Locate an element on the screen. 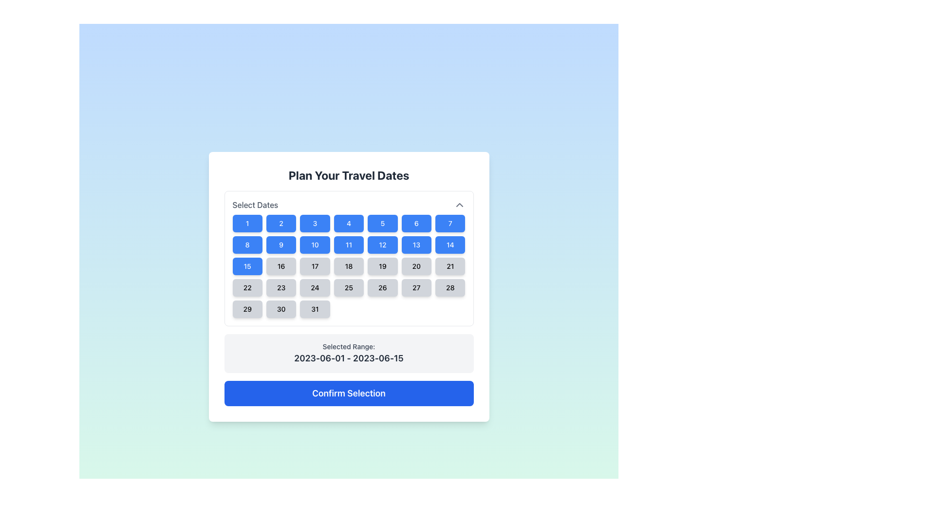 This screenshot has height=526, width=935. the interactive grid in the 'Plan Your Travel Dates' interface is located at coordinates (349, 266).